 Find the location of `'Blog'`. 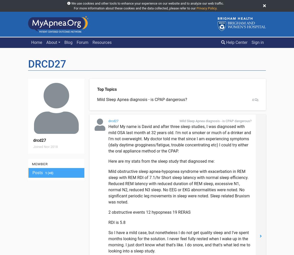

'Blog' is located at coordinates (64, 42).